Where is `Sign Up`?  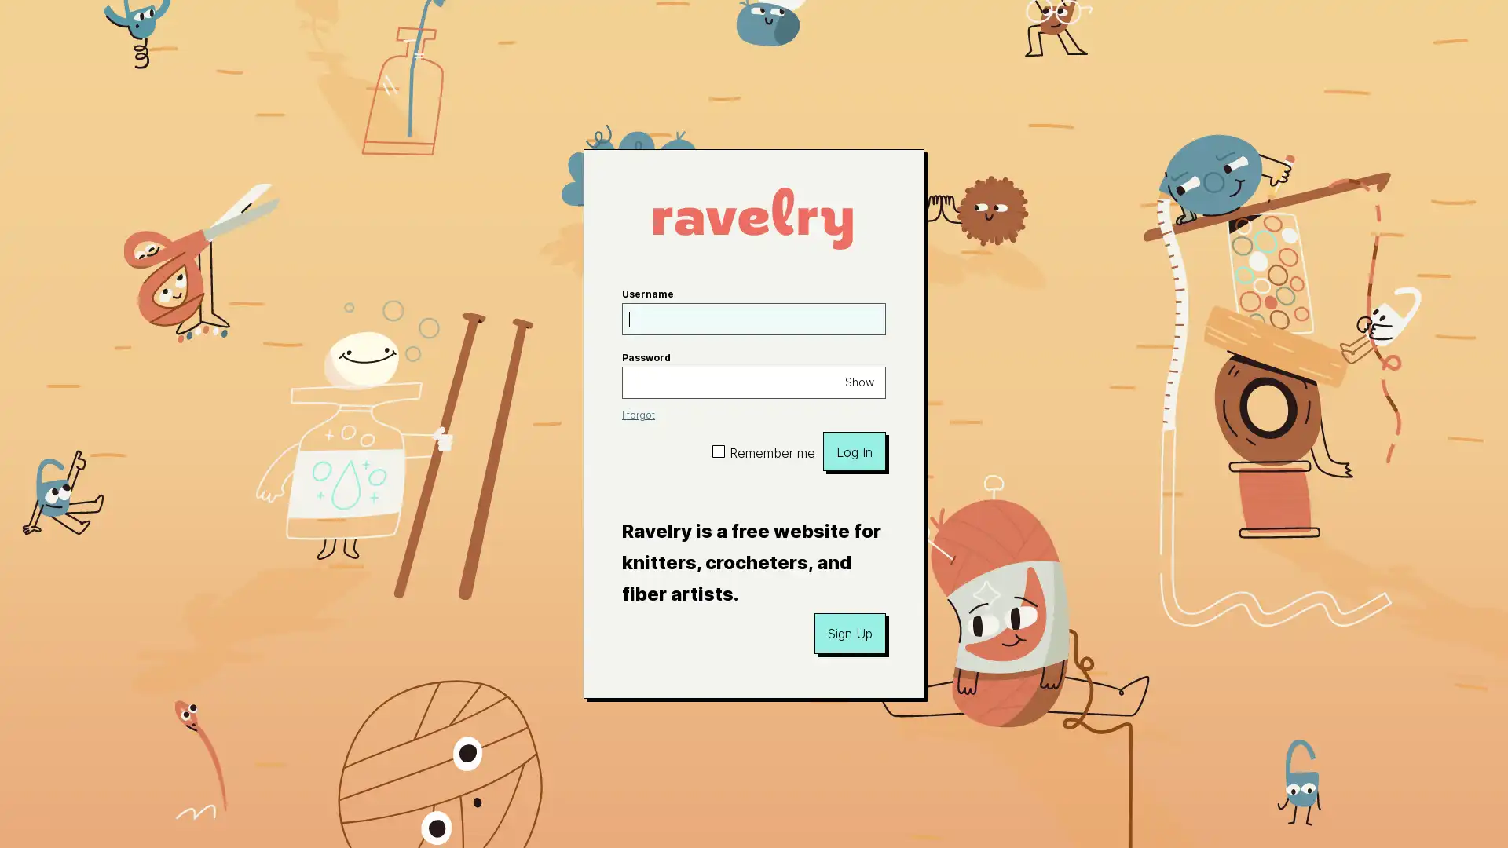
Sign Up is located at coordinates (849, 632).